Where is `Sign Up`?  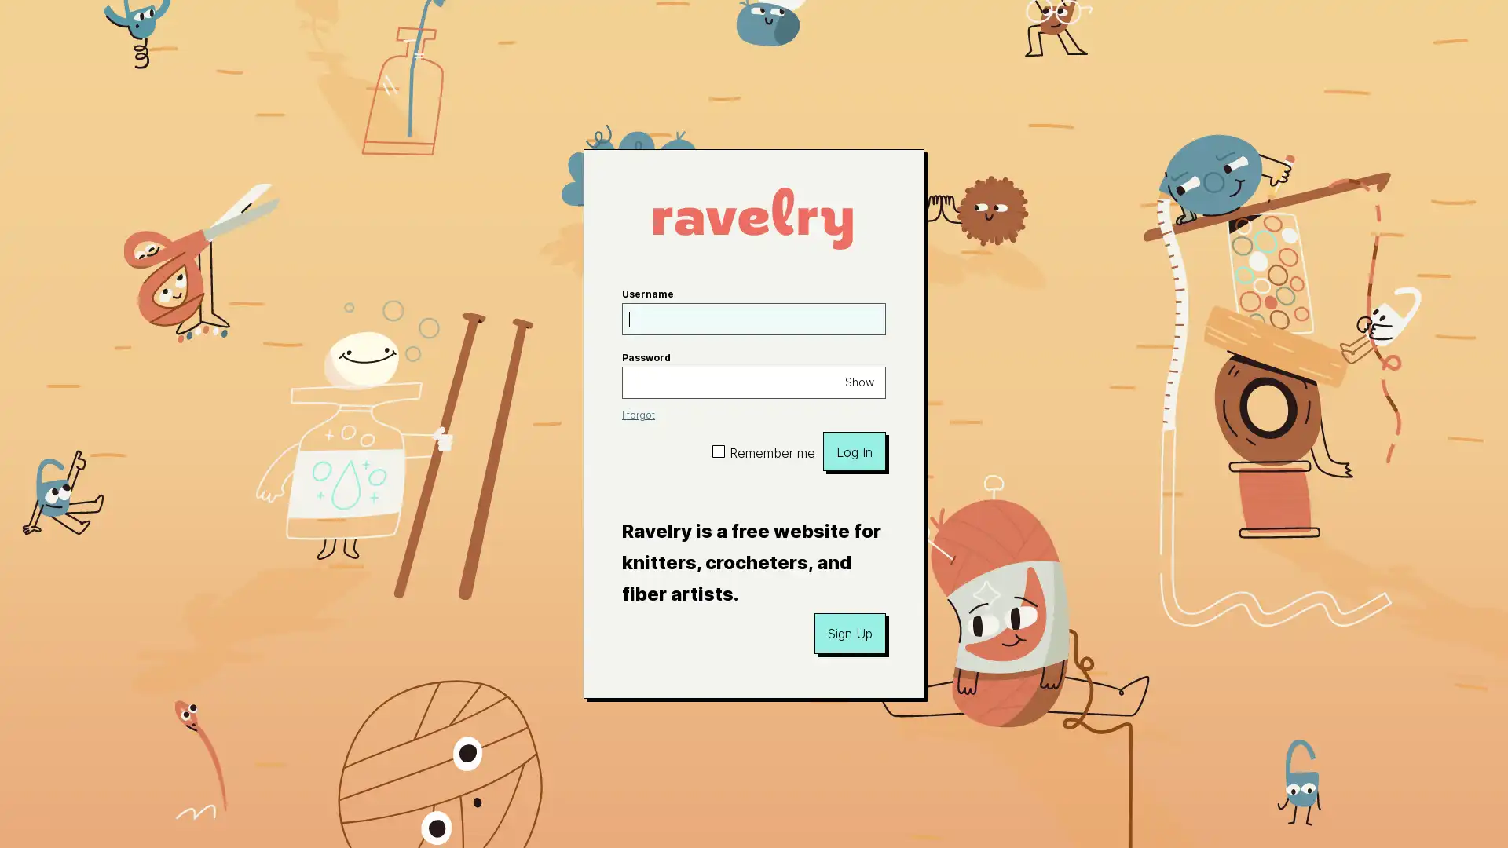
Sign Up is located at coordinates (849, 632).